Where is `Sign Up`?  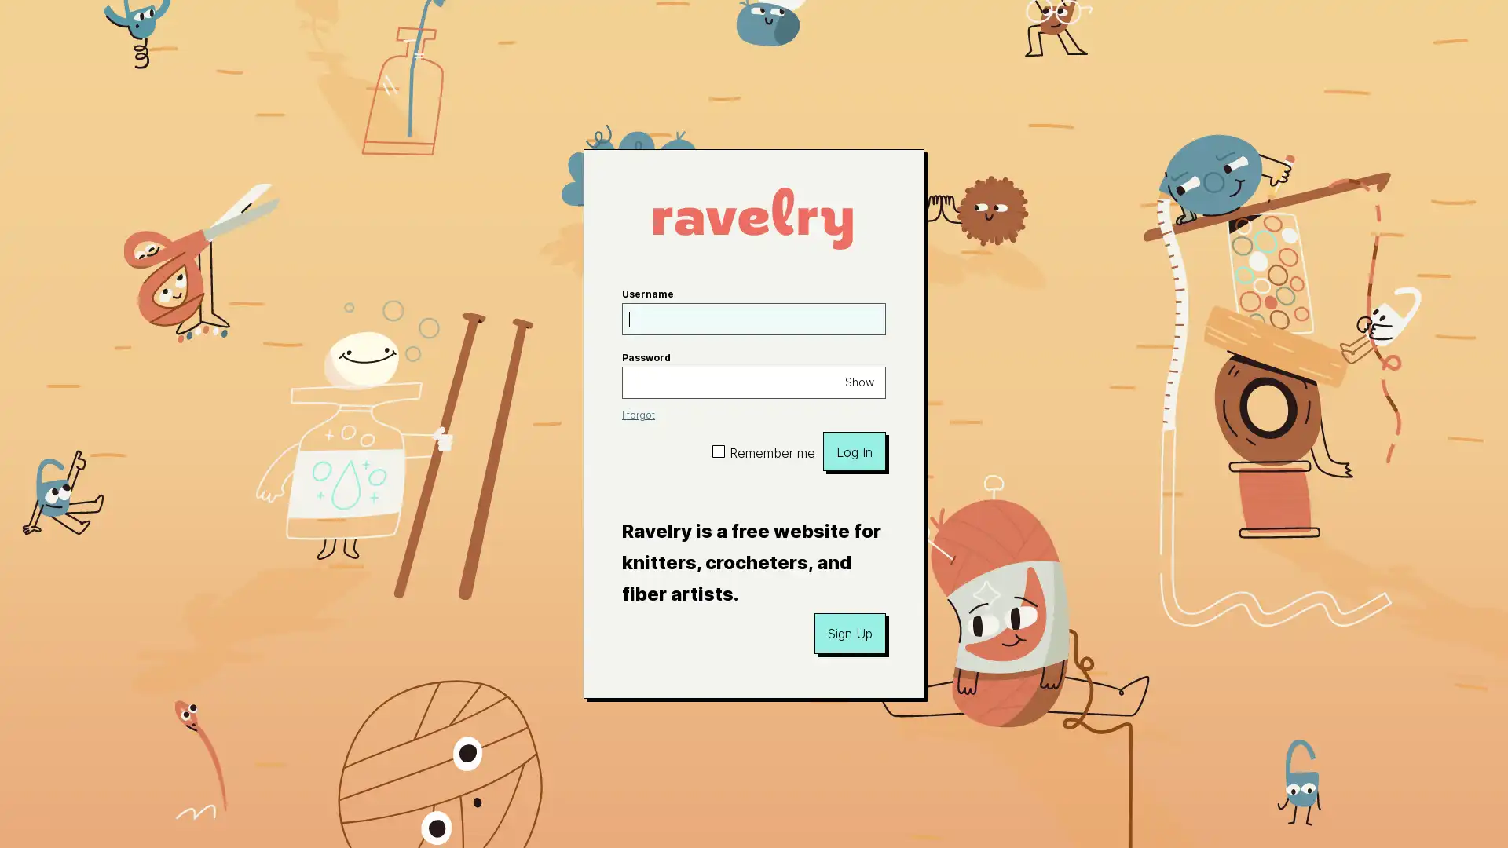
Sign Up is located at coordinates (849, 632).